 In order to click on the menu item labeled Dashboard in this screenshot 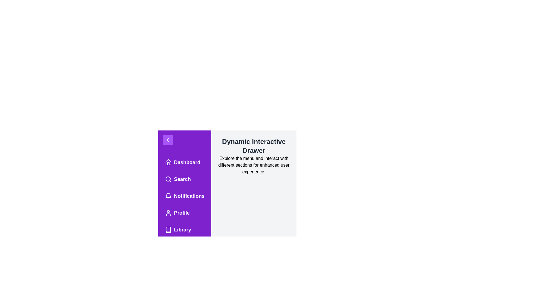, I will do `click(185, 162)`.